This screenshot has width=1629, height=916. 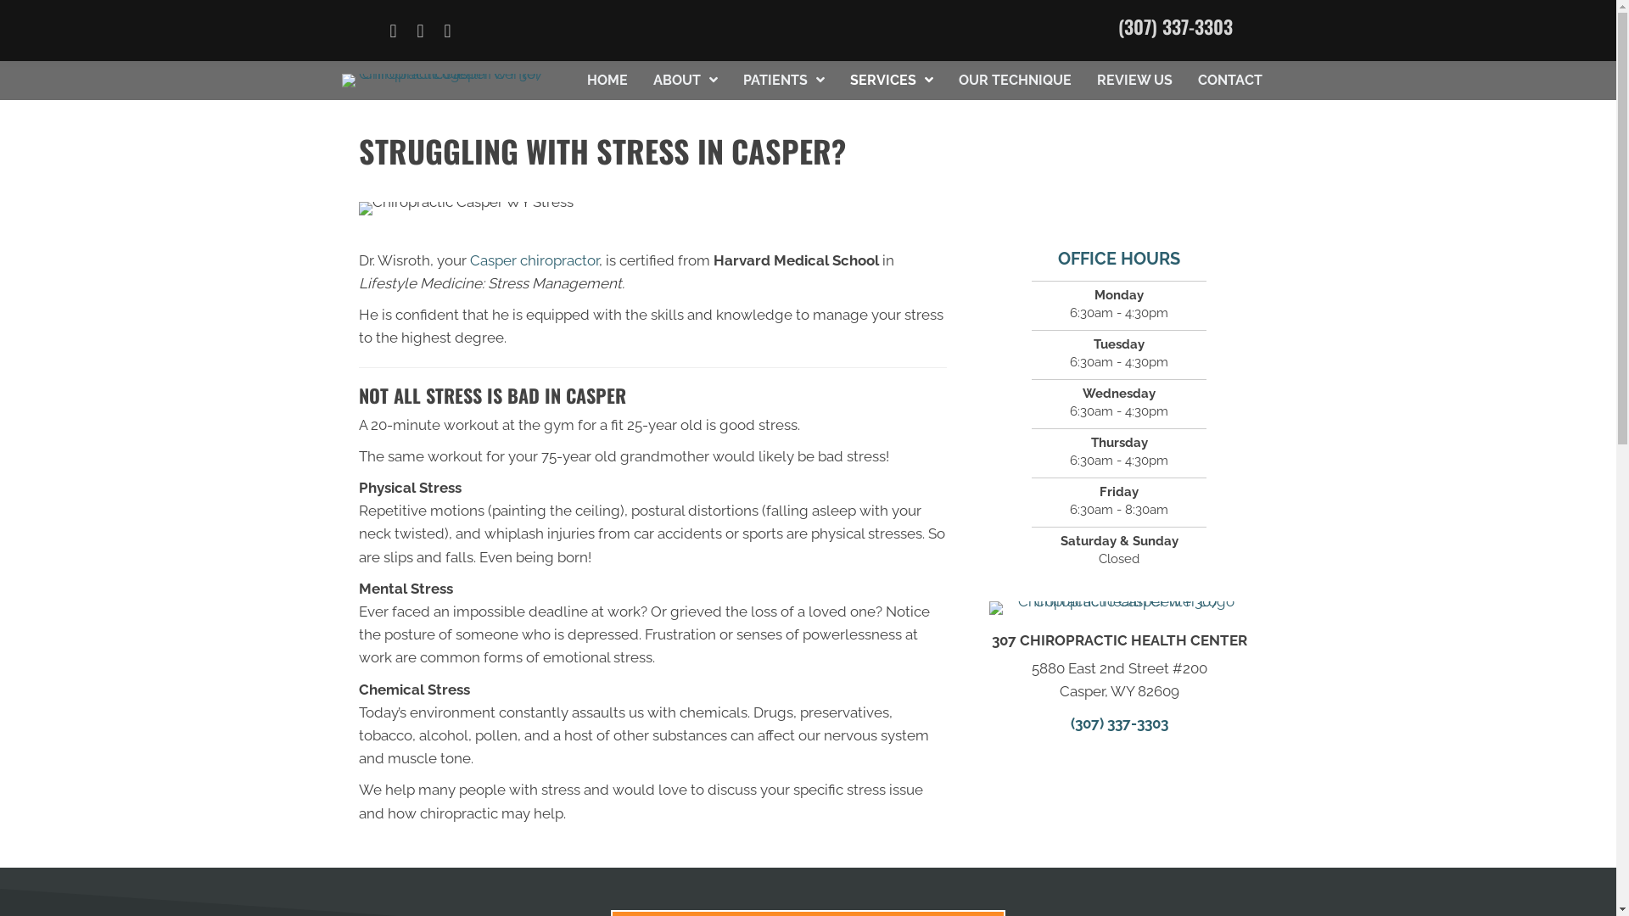 What do you see at coordinates (783, 81) in the screenshot?
I see `'PATIENTS'` at bounding box center [783, 81].